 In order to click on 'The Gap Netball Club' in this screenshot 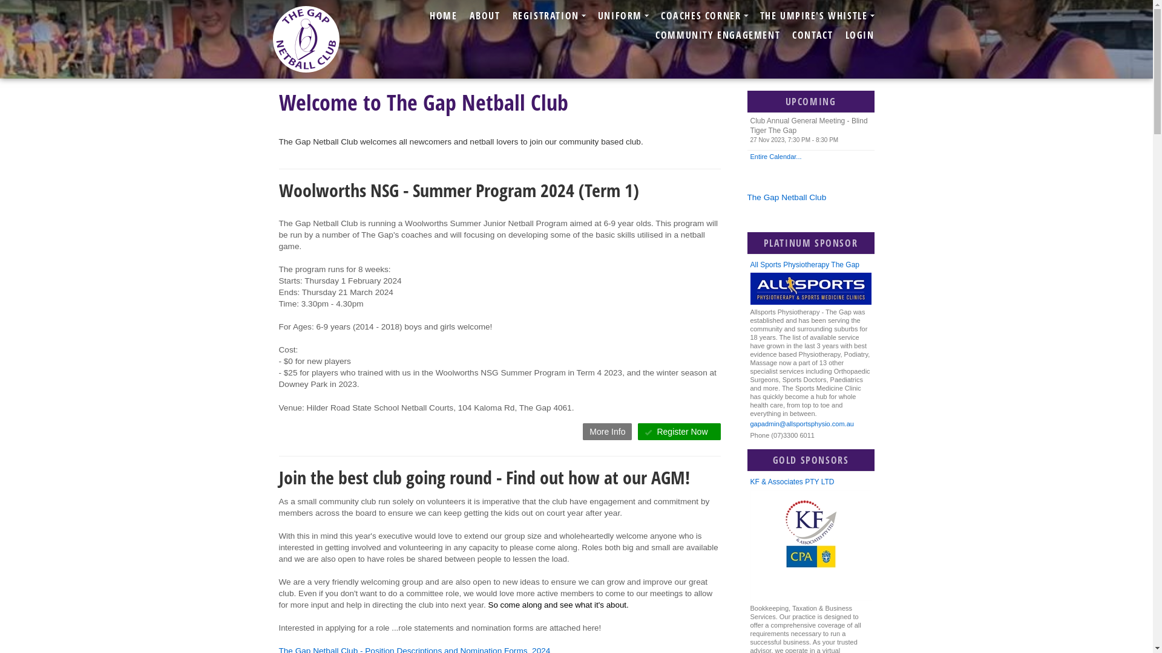, I will do `click(786, 197)`.